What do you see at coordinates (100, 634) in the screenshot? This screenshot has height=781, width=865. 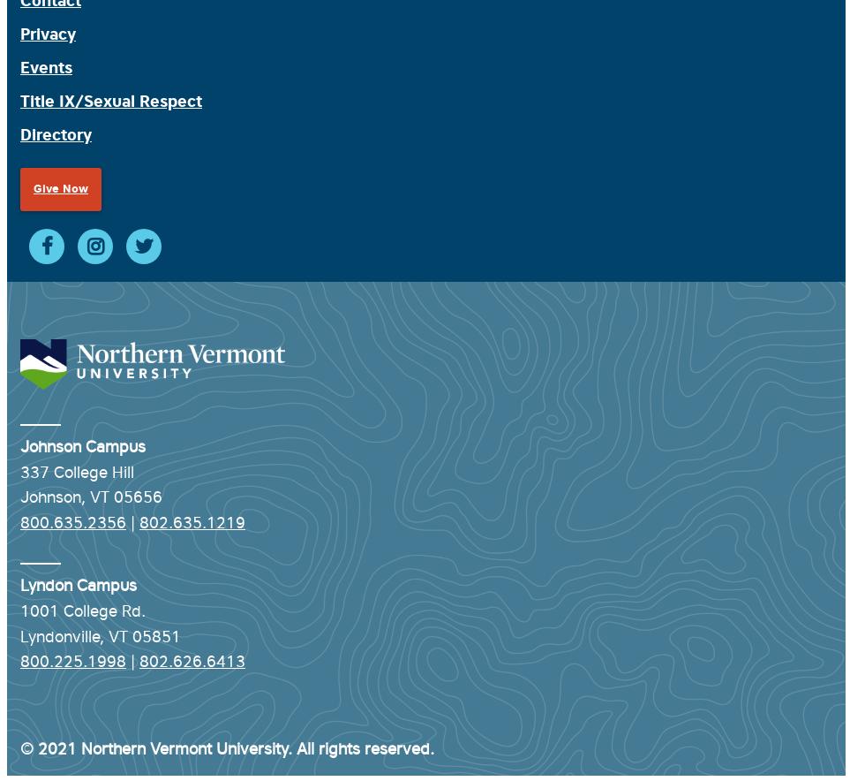 I see `'Lyndonville, VT 05851'` at bounding box center [100, 634].